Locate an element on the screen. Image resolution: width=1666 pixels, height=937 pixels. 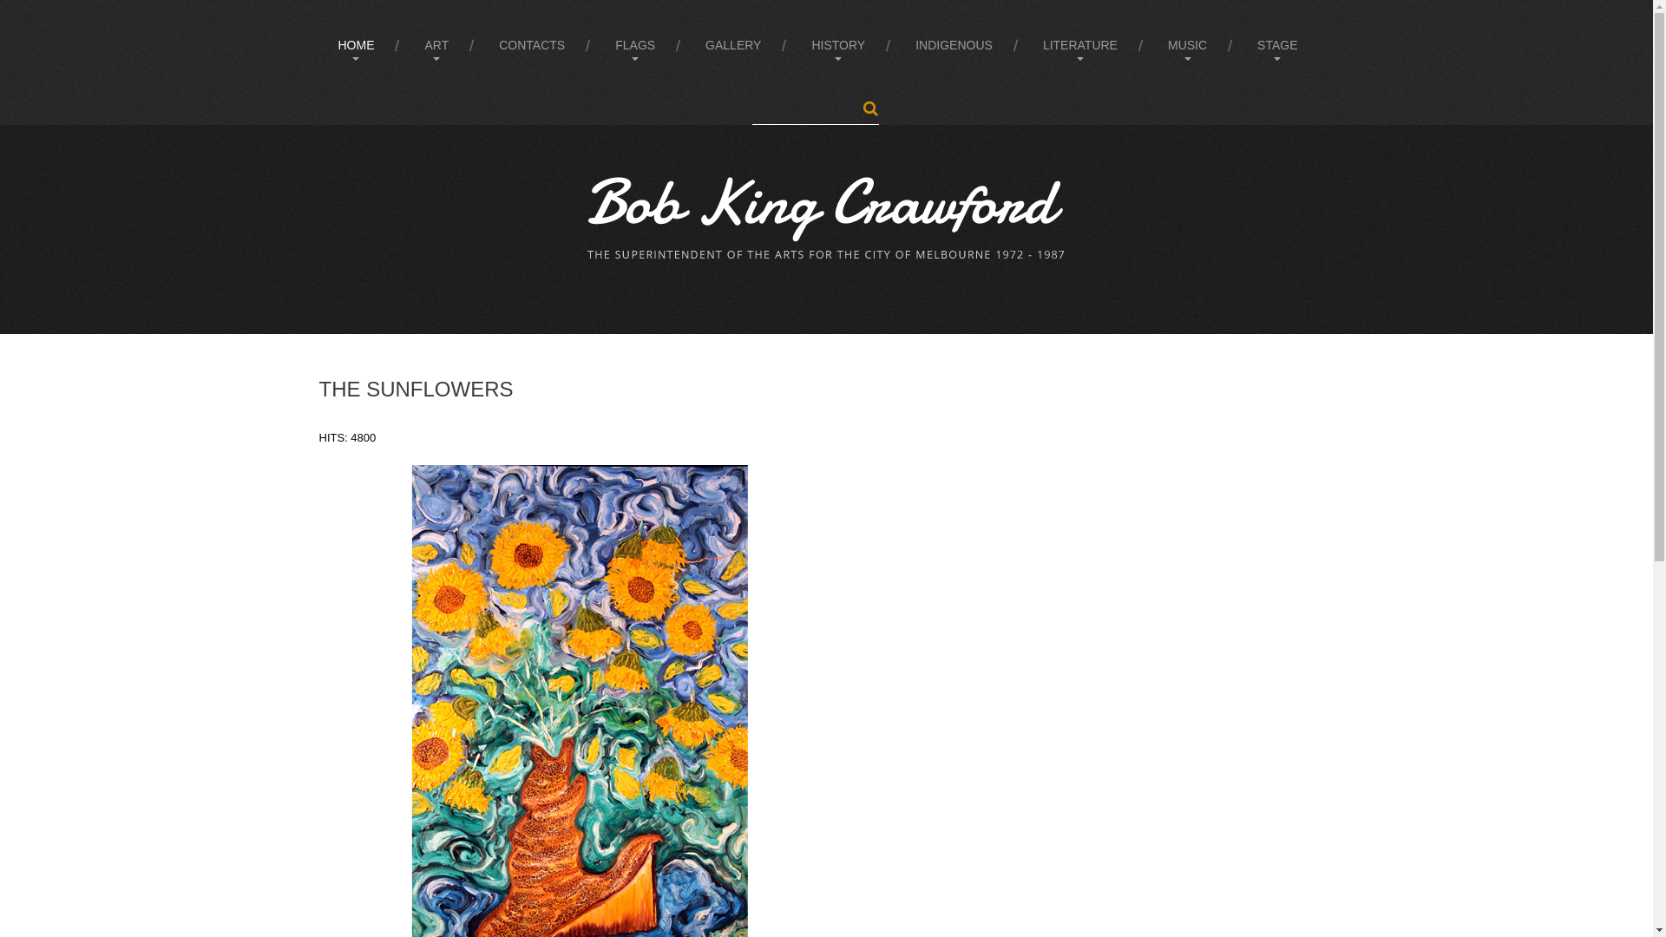
'CONTACTS' is located at coordinates (531, 43).